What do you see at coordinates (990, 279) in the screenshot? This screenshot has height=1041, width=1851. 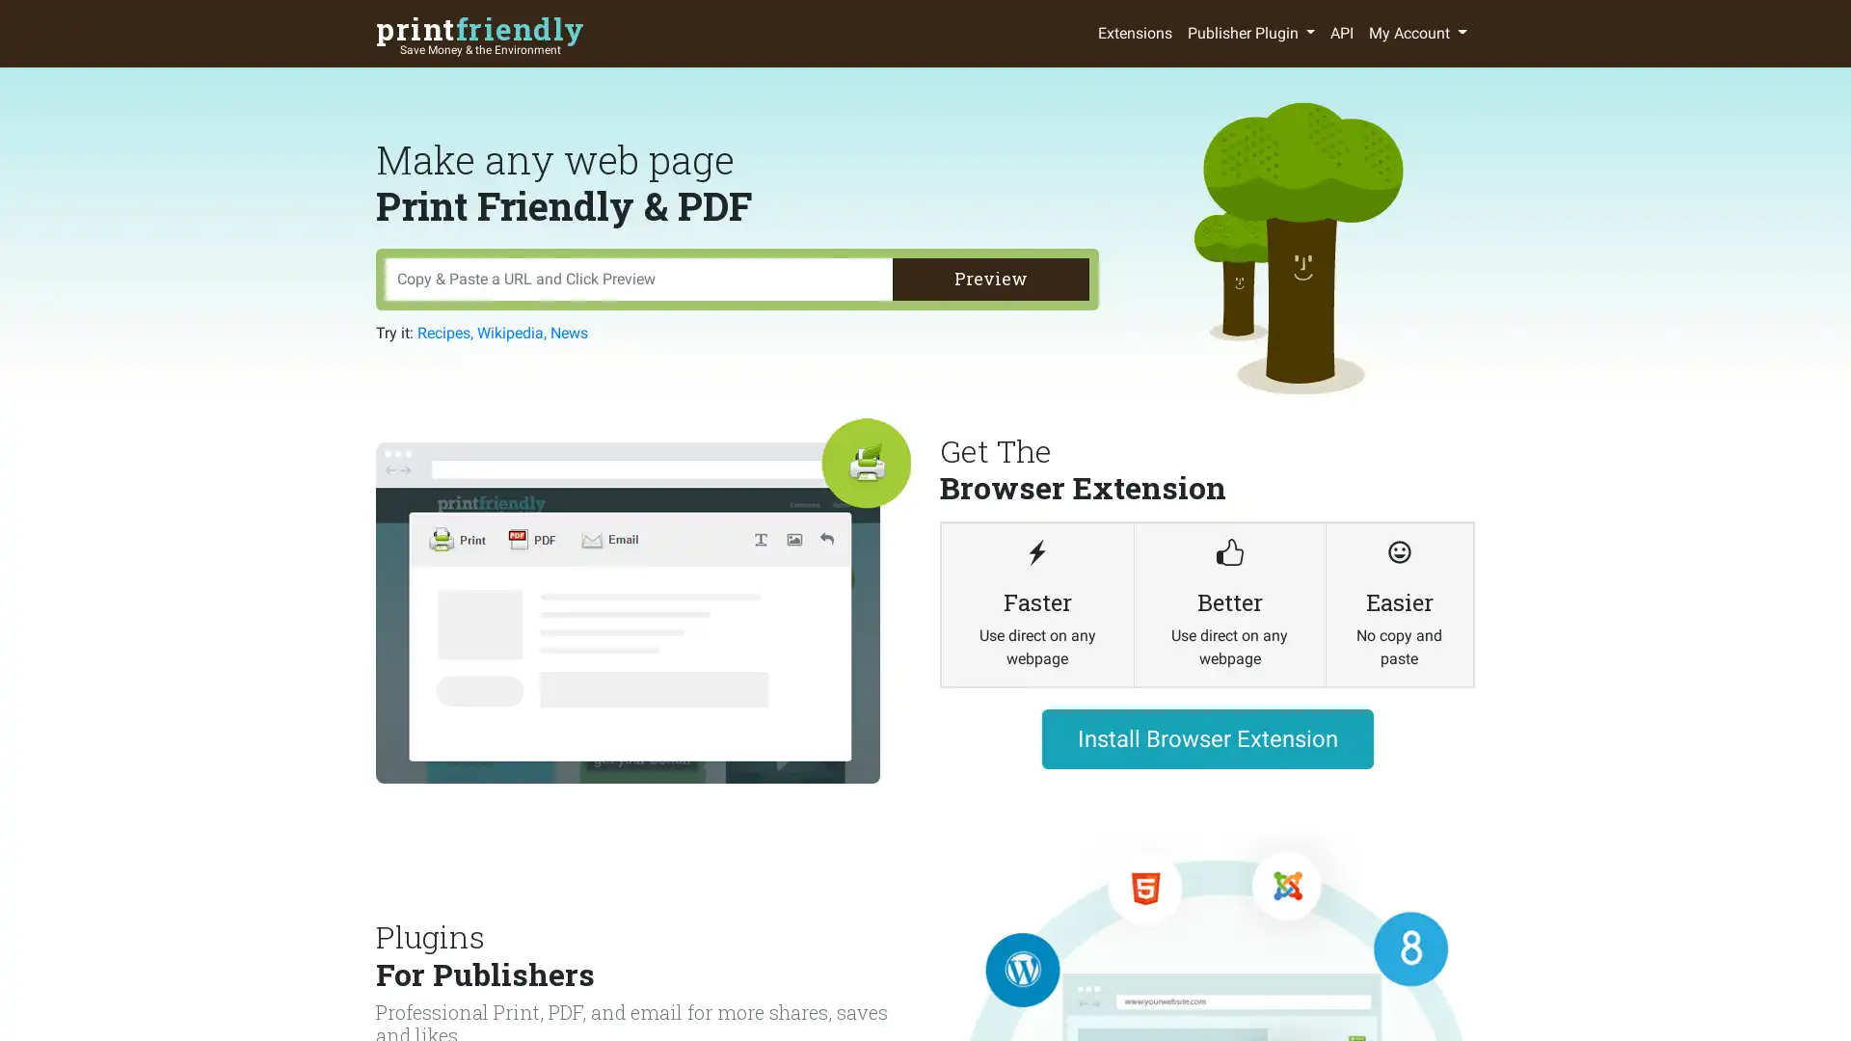 I see `Preview` at bounding box center [990, 279].